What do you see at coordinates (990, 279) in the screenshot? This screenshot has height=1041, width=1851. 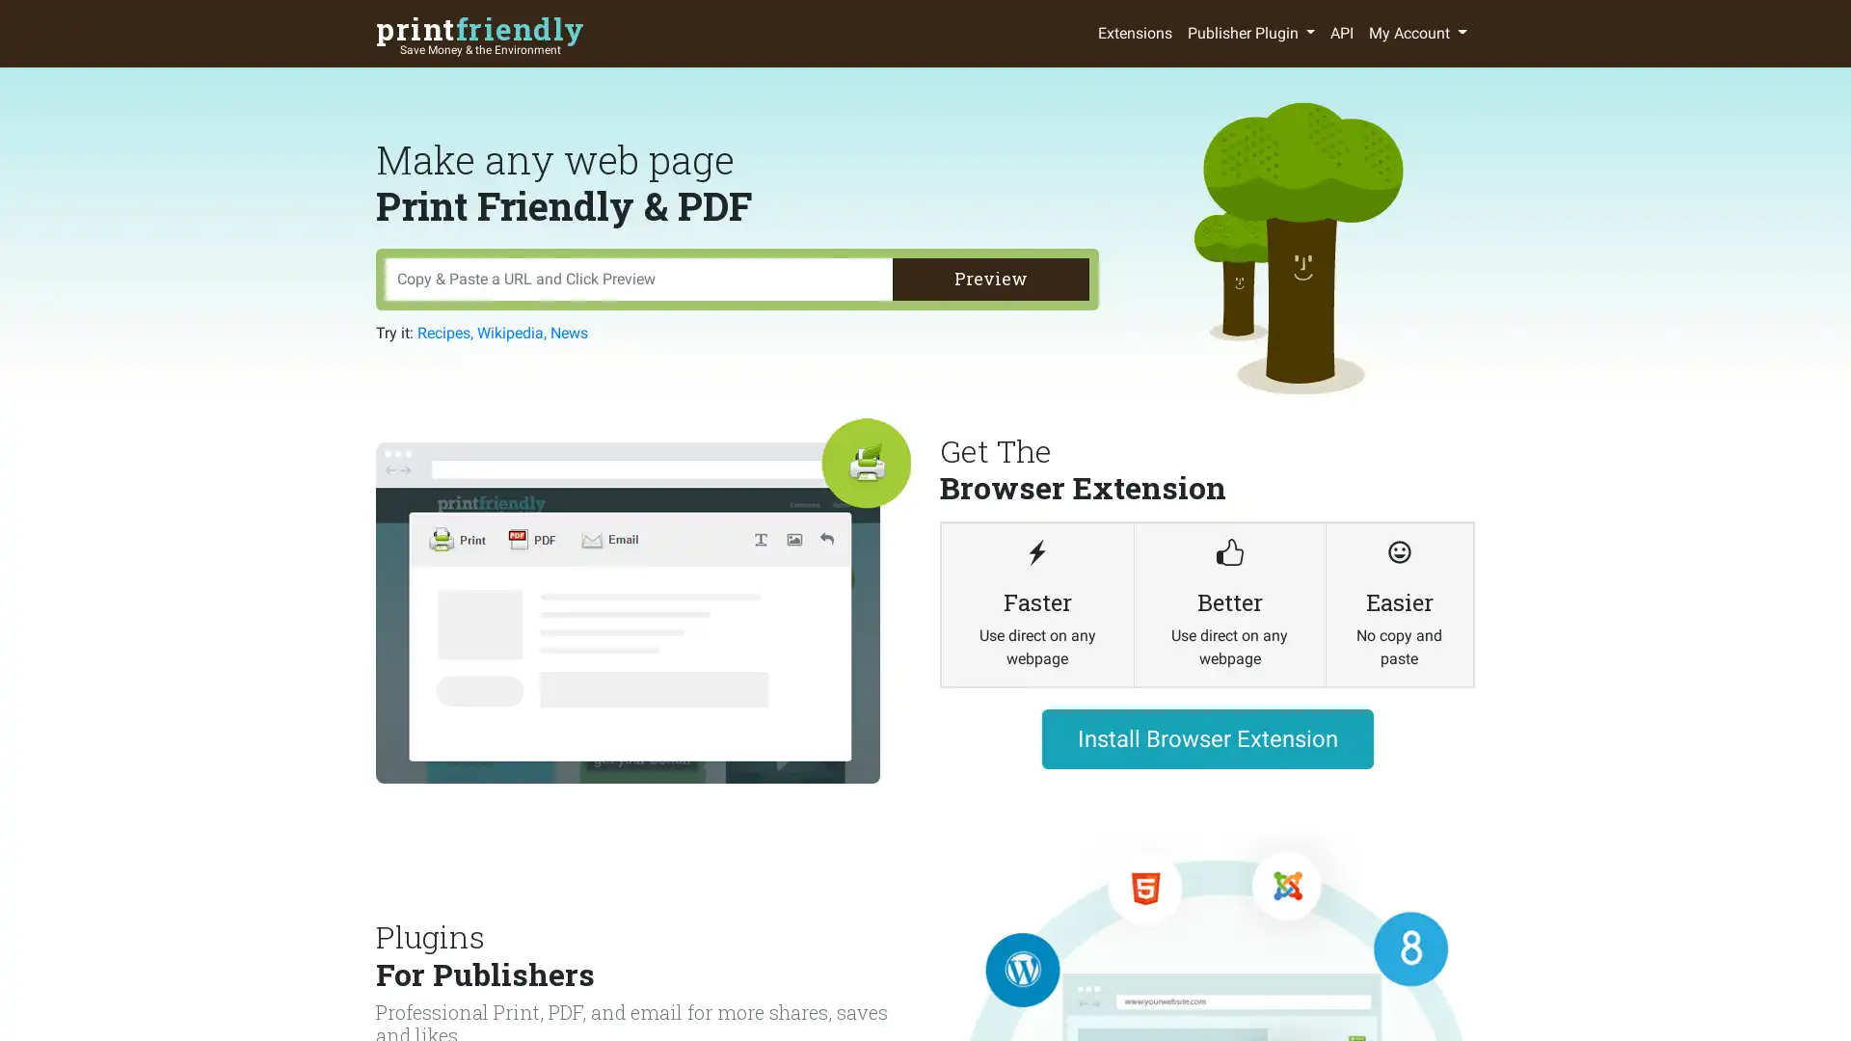 I see `Preview` at bounding box center [990, 279].